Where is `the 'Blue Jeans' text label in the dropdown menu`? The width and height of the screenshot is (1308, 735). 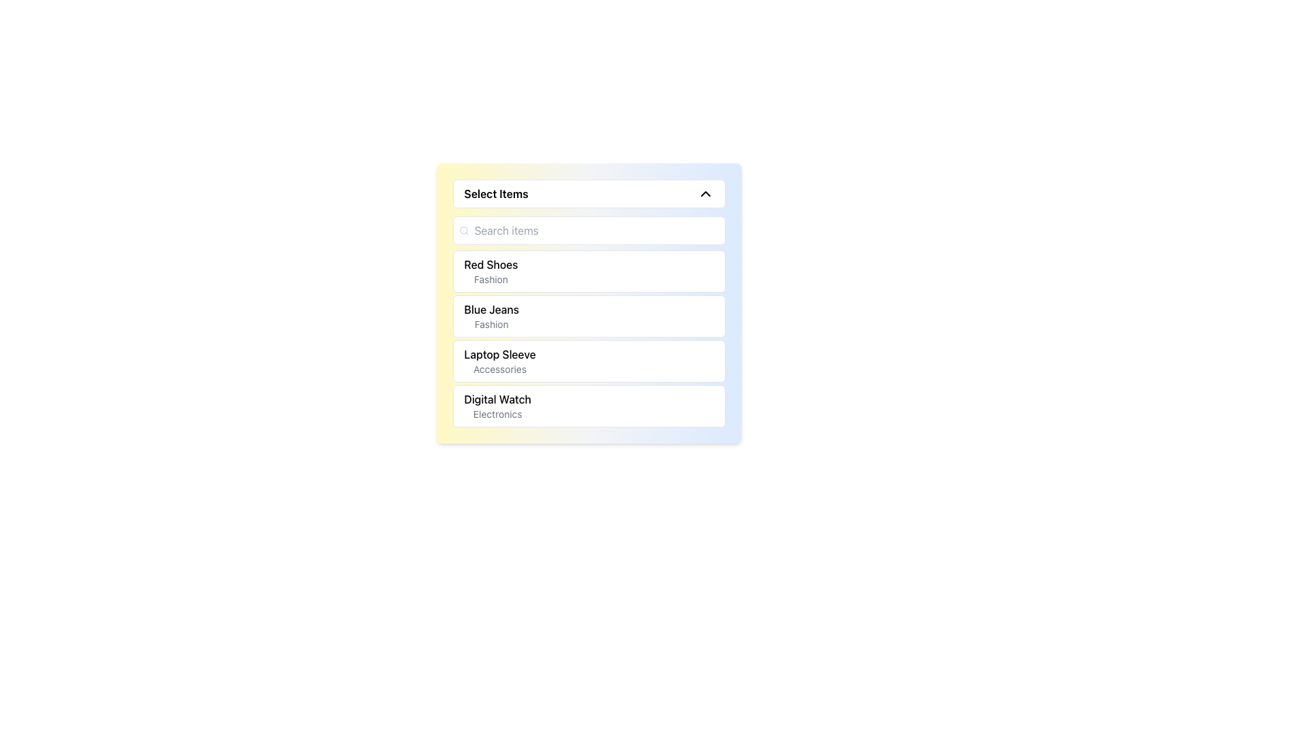 the 'Blue Jeans' text label in the dropdown menu is located at coordinates (490, 316).